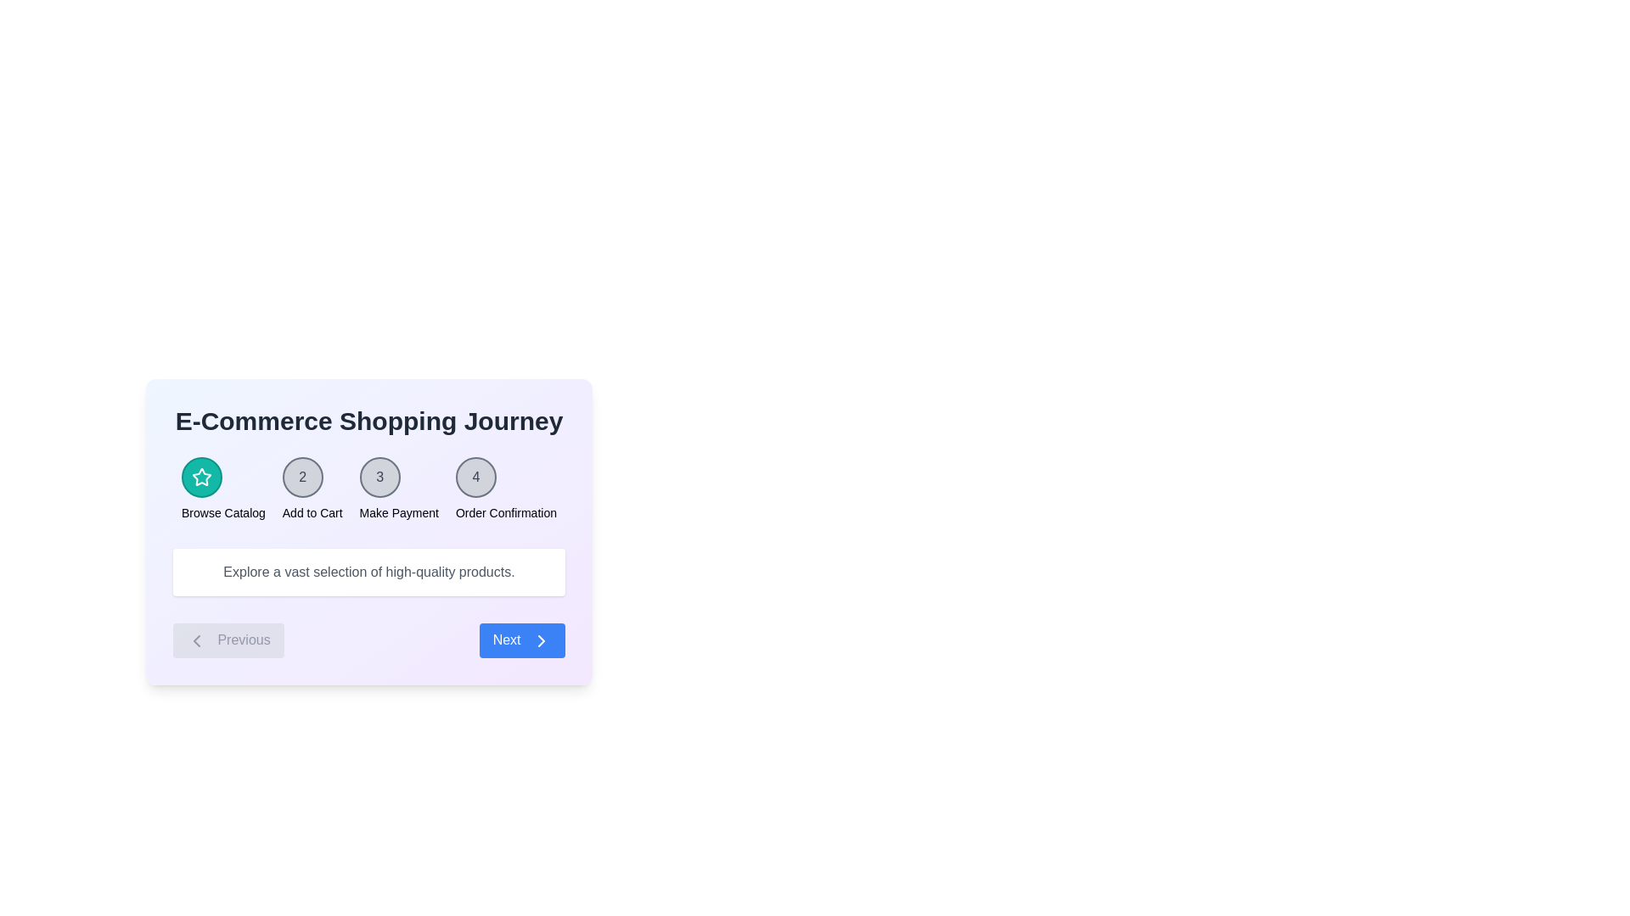 This screenshot has height=916, width=1630. Describe the element at coordinates (505, 512) in the screenshot. I see `the text label displaying 'Order Confirmation', which is styled in a medium-sized font and positioned below a circular icon with the number '4' in a progress tracker` at that location.